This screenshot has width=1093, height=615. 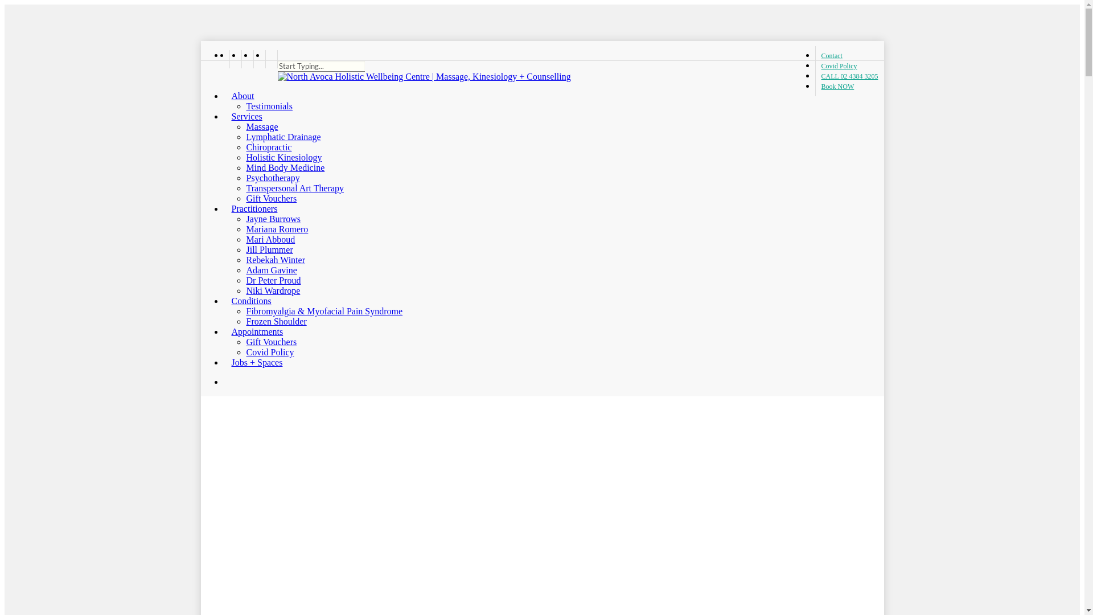 What do you see at coordinates (283, 157) in the screenshot?
I see `'Holistic Kinesiology'` at bounding box center [283, 157].